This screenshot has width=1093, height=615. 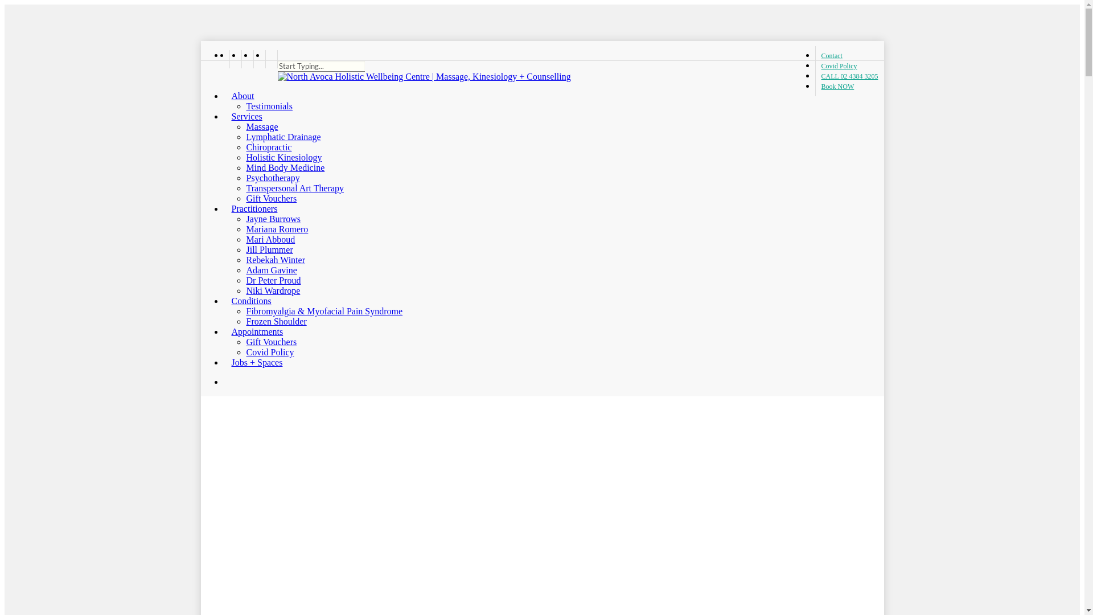 What do you see at coordinates (283, 157) in the screenshot?
I see `'Holistic Kinesiology'` at bounding box center [283, 157].